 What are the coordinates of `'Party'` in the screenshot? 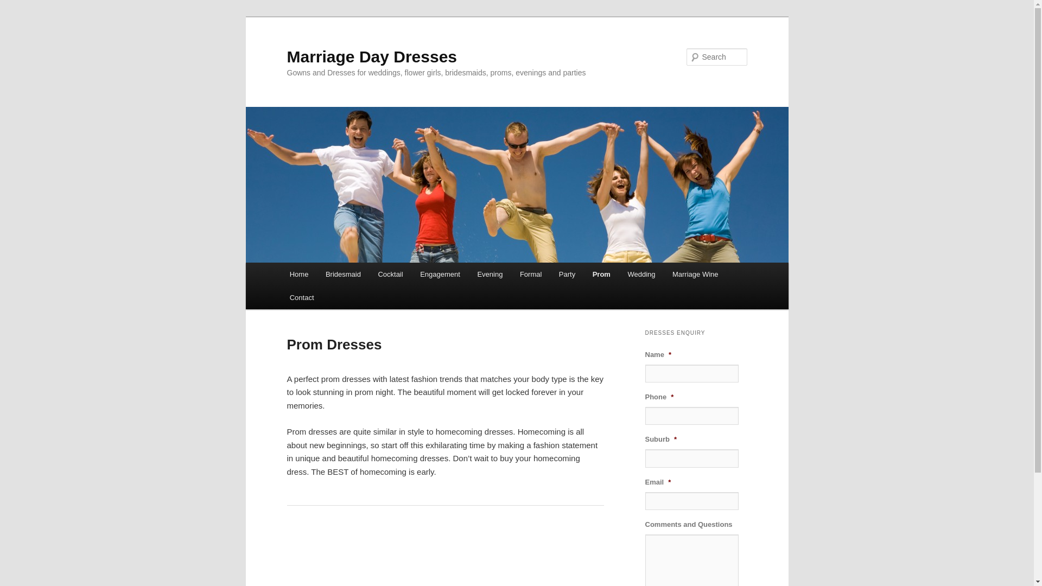 It's located at (567, 273).